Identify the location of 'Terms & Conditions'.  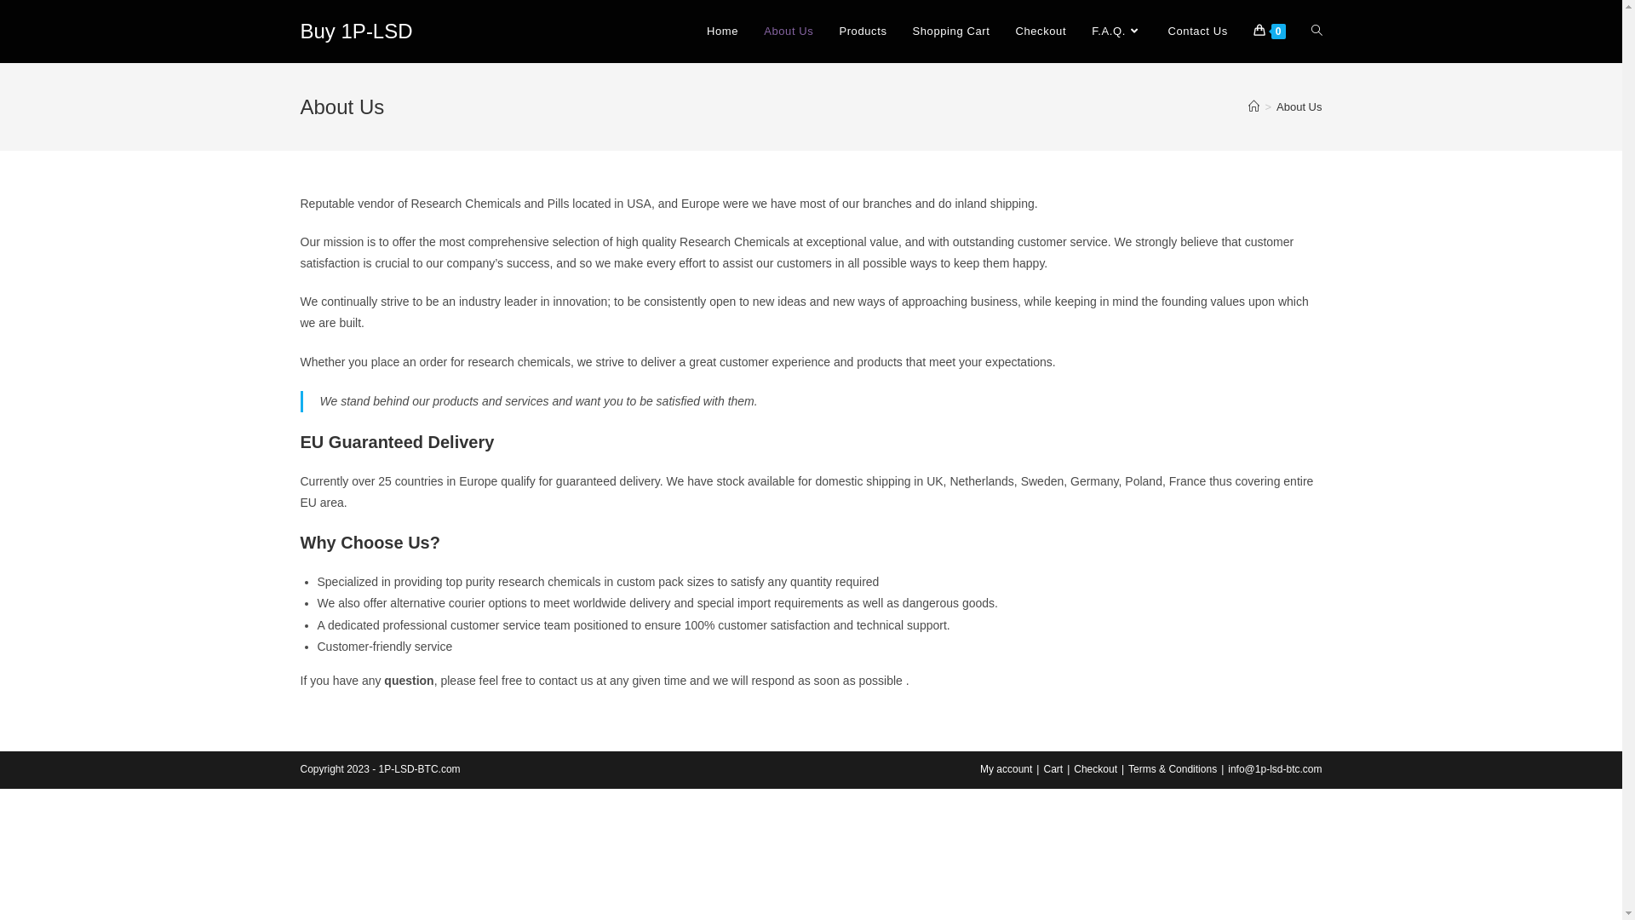
(1172, 768).